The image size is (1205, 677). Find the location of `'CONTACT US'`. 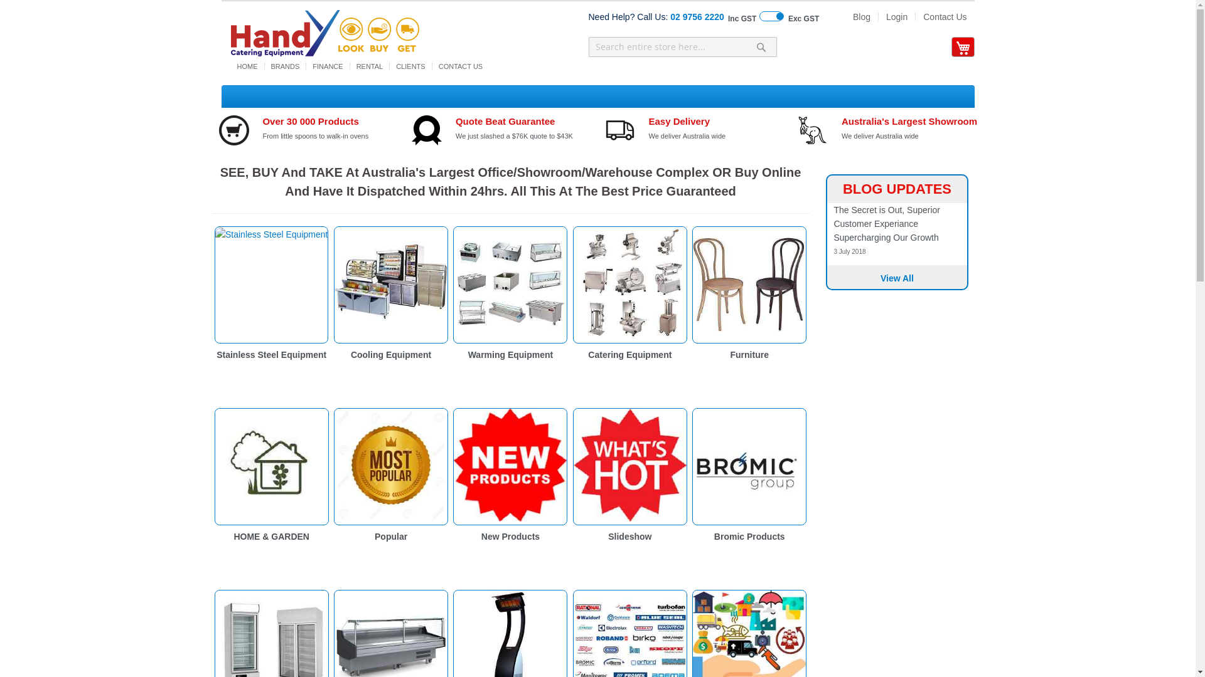

'CONTACT US' is located at coordinates (432, 66).